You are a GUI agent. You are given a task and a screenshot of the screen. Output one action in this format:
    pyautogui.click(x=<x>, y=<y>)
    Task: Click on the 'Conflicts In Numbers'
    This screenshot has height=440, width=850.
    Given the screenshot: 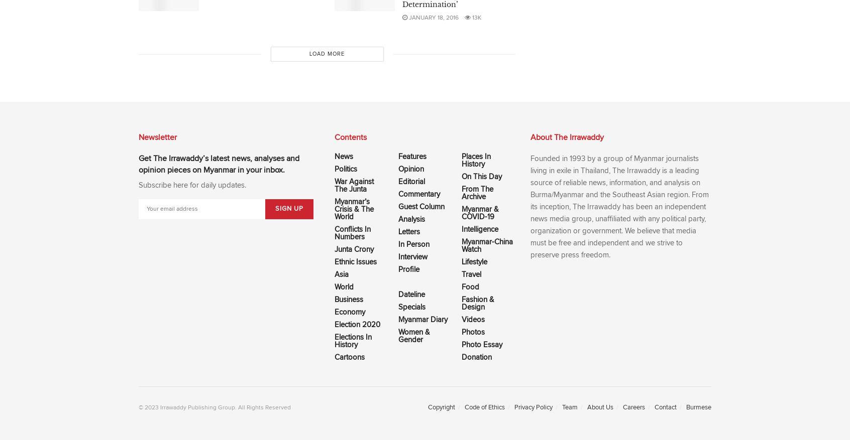 What is the action you would take?
    pyautogui.click(x=353, y=233)
    